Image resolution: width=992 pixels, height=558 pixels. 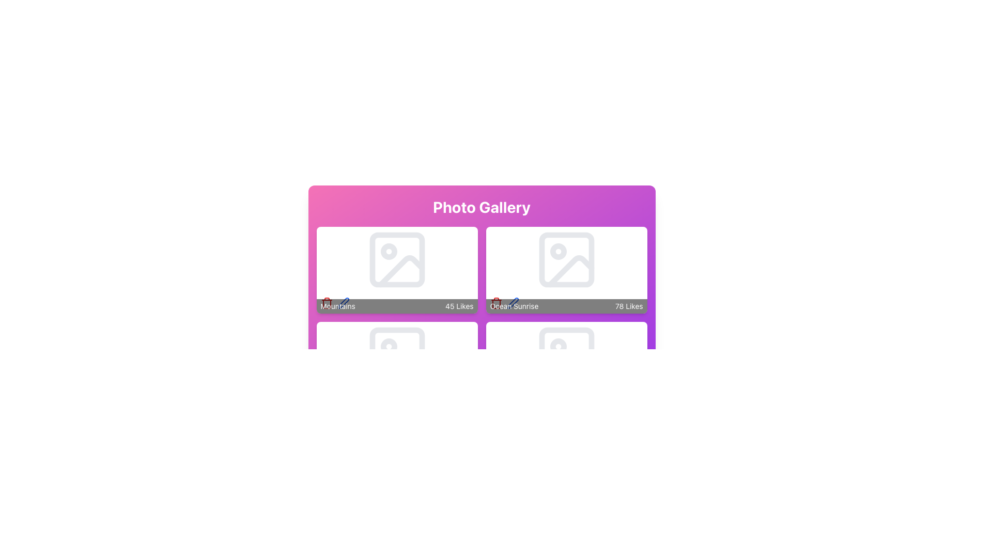 I want to click on the static text label displaying '45 Likes' located in the lower right portion of the upper left photo card, which is aligned to the right side of the bar containing 'Mountains', so click(x=459, y=306).